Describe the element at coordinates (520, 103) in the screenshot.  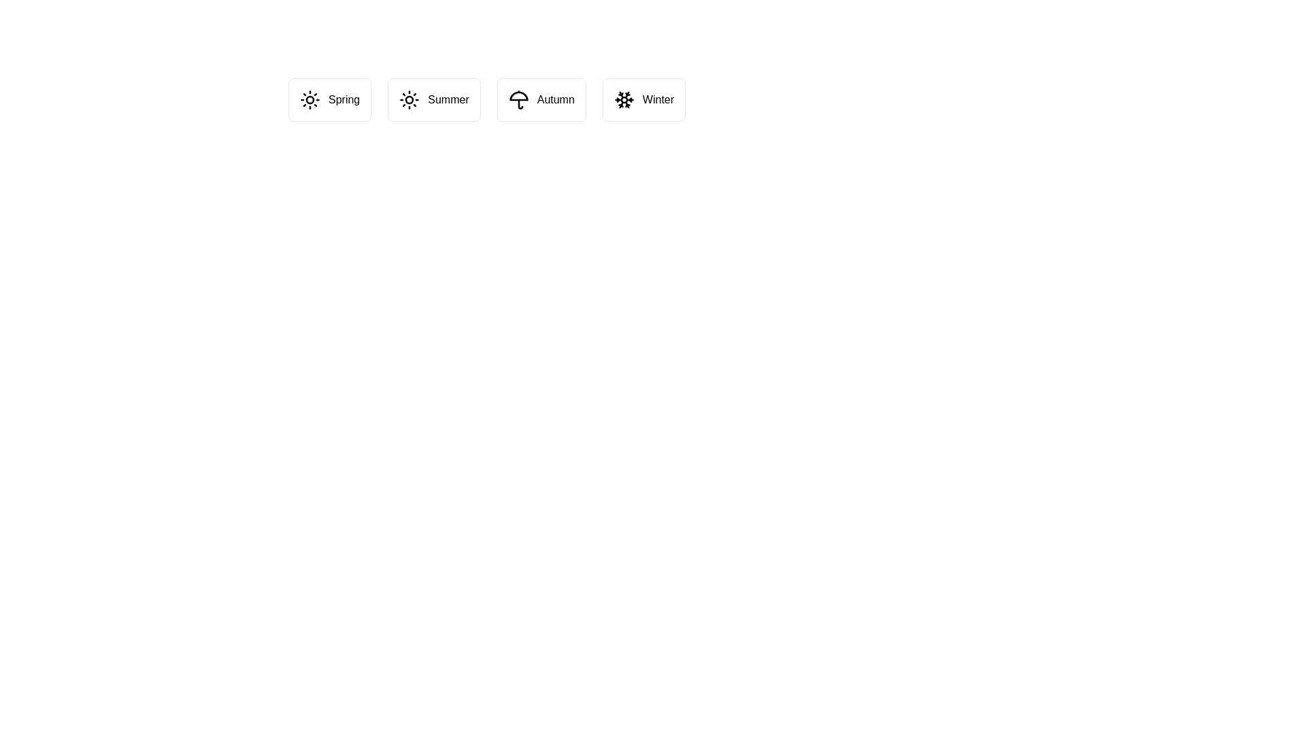
I see `the handle of the umbrella icon, which is part of the 'Autumn' button, the third button in a row of four buttons at the center of the interface` at that location.